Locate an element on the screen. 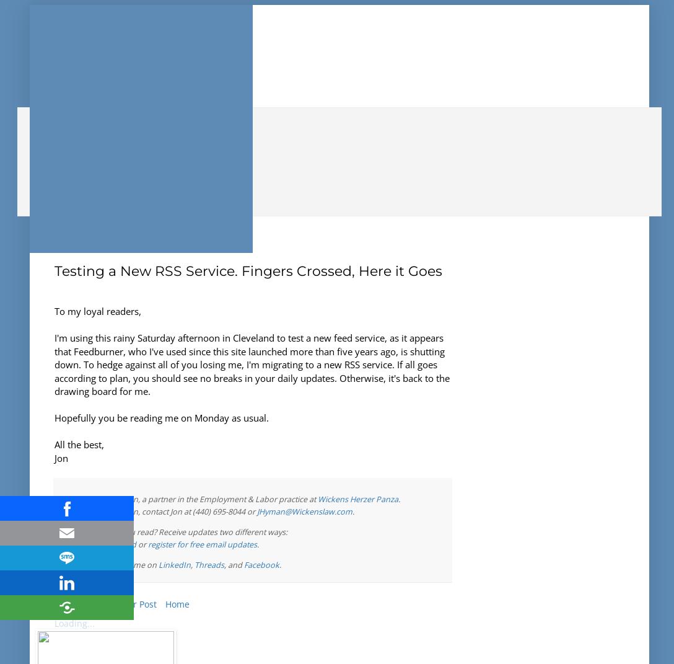  'register for free email updates' is located at coordinates (203, 544).